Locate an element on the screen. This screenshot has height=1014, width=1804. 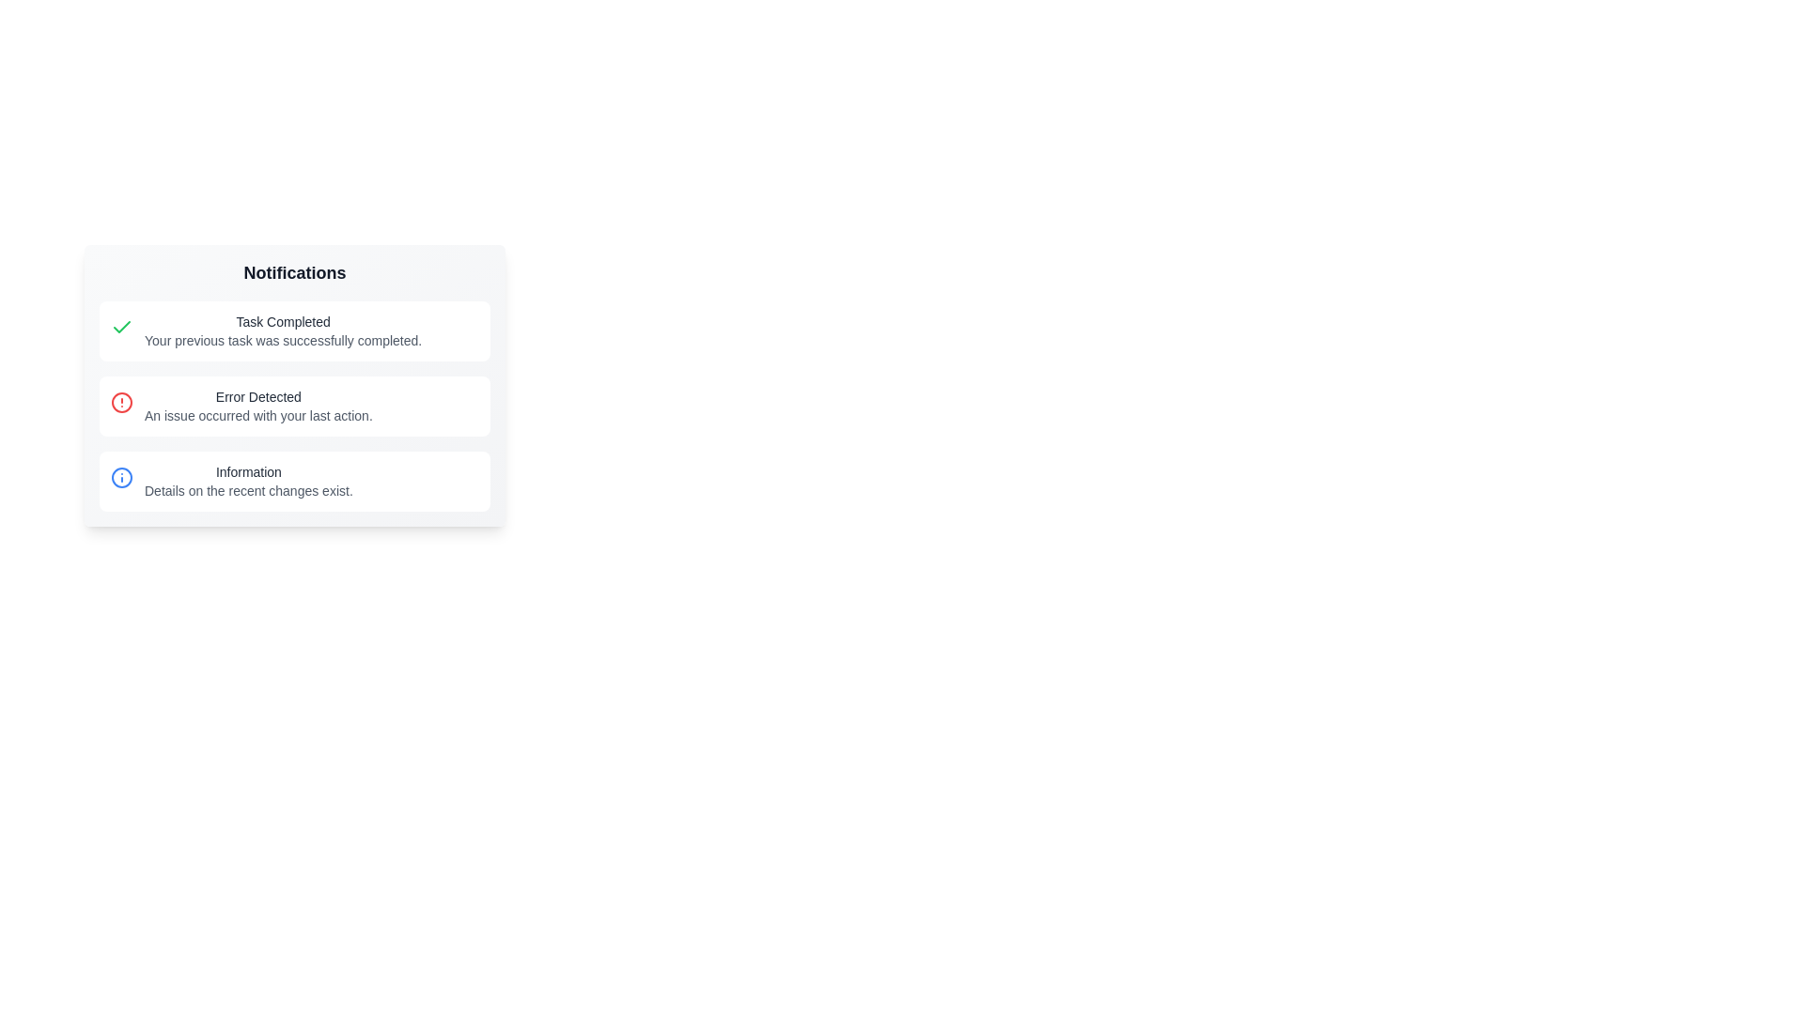
the third notification entry in the list under the 'Notifications' heading, which provides a message about recent changes is located at coordinates (247, 481).